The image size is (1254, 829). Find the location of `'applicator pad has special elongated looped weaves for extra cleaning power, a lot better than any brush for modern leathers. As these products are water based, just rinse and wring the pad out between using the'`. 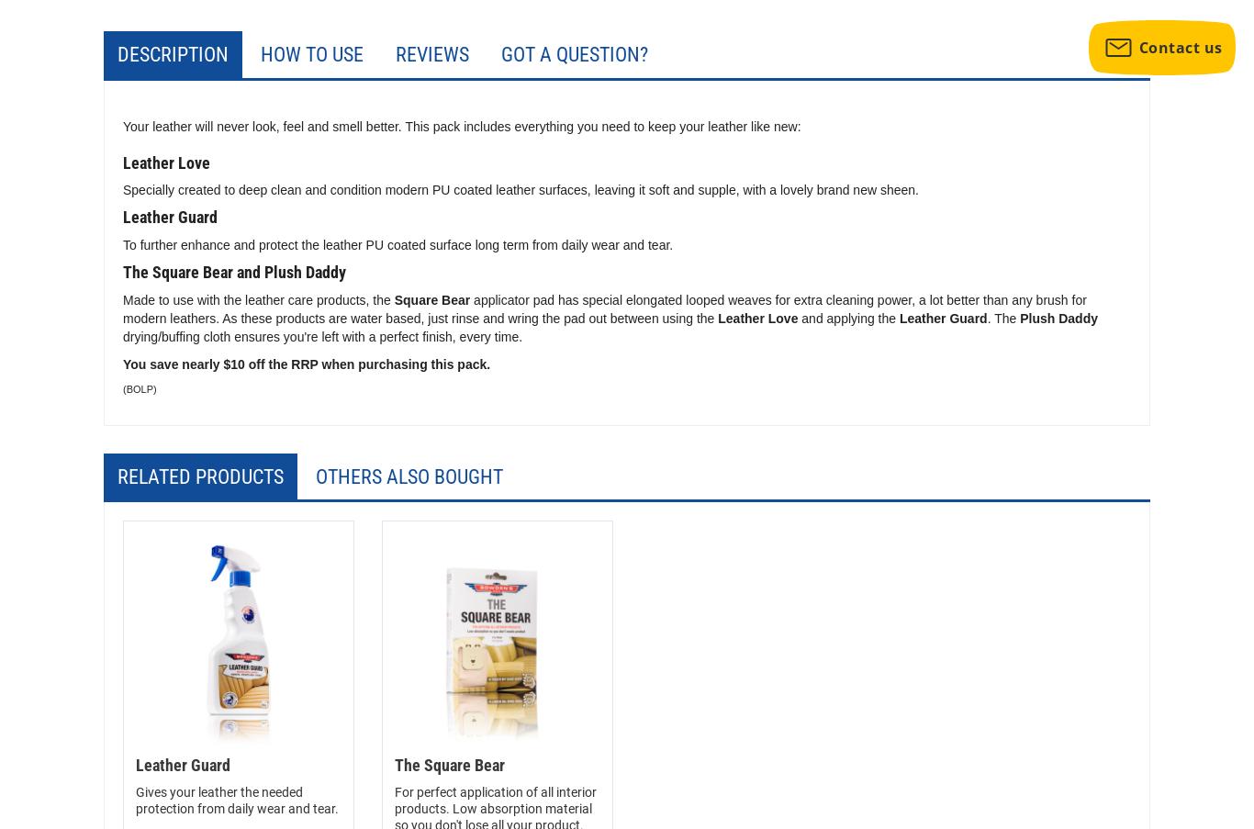

'applicator pad has special elongated looped weaves for extra cleaning power, a lot better than any brush for modern leathers. As these products are water based, just rinse and wring the pad out between using the' is located at coordinates (603, 308).